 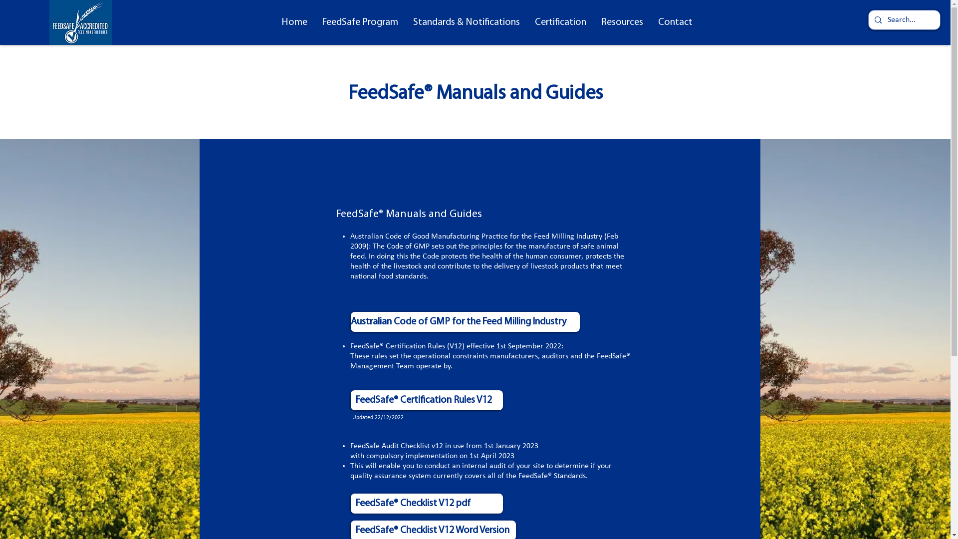 I want to click on 'Certification', so click(x=526, y=22).